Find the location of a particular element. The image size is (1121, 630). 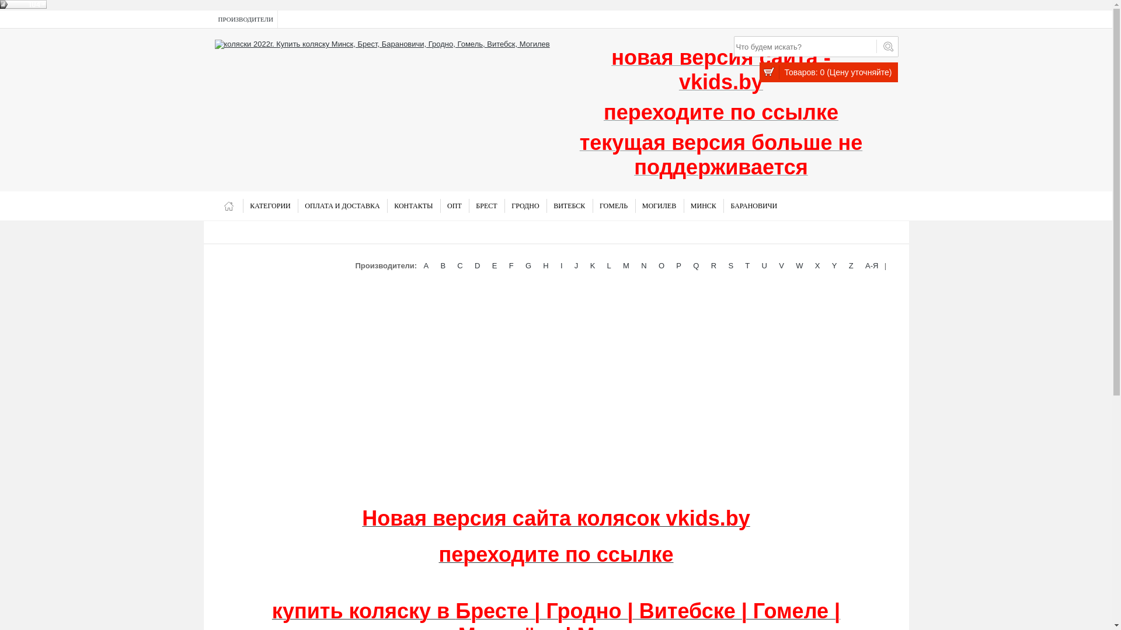

'U' is located at coordinates (764, 265).